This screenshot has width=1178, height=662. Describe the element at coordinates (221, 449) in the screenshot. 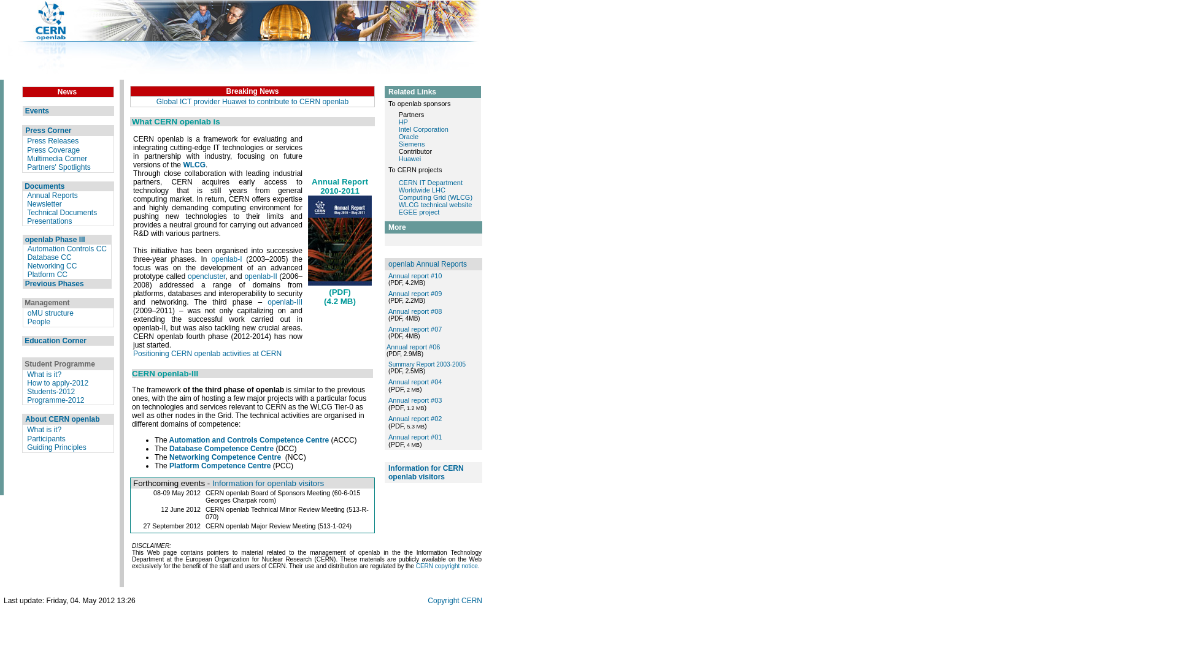

I see `'Database Competence Centre'` at that location.